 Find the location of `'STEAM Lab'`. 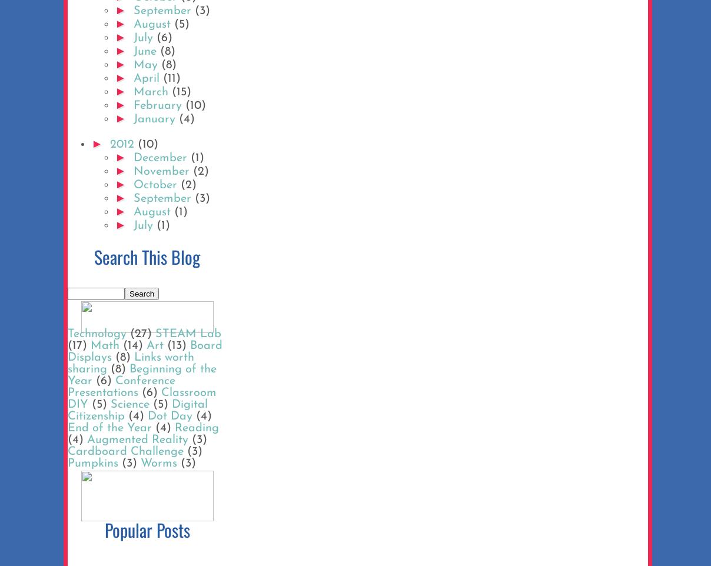

'STEAM Lab' is located at coordinates (187, 334).